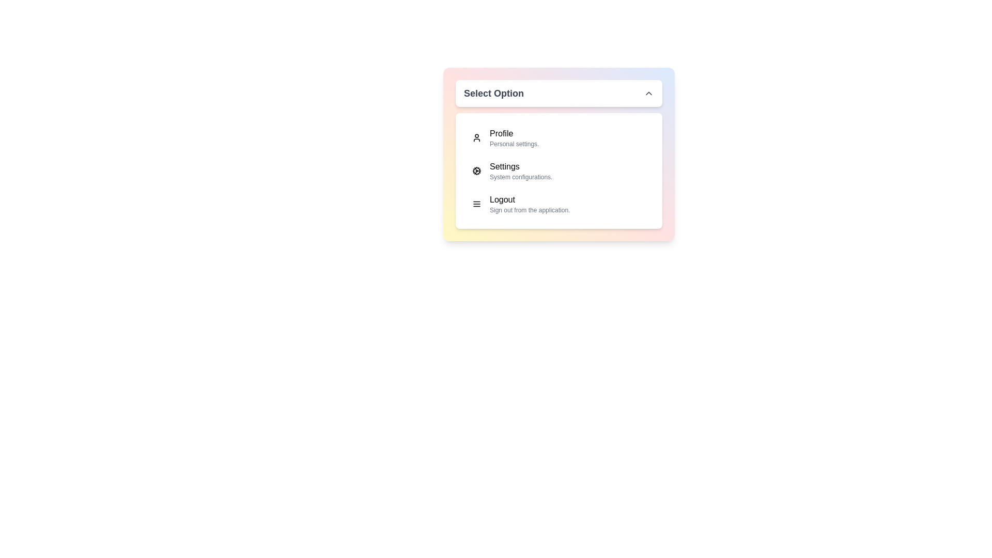  Describe the element at coordinates (558, 171) in the screenshot. I see `the menu item corresponding to Settings to select it` at that location.